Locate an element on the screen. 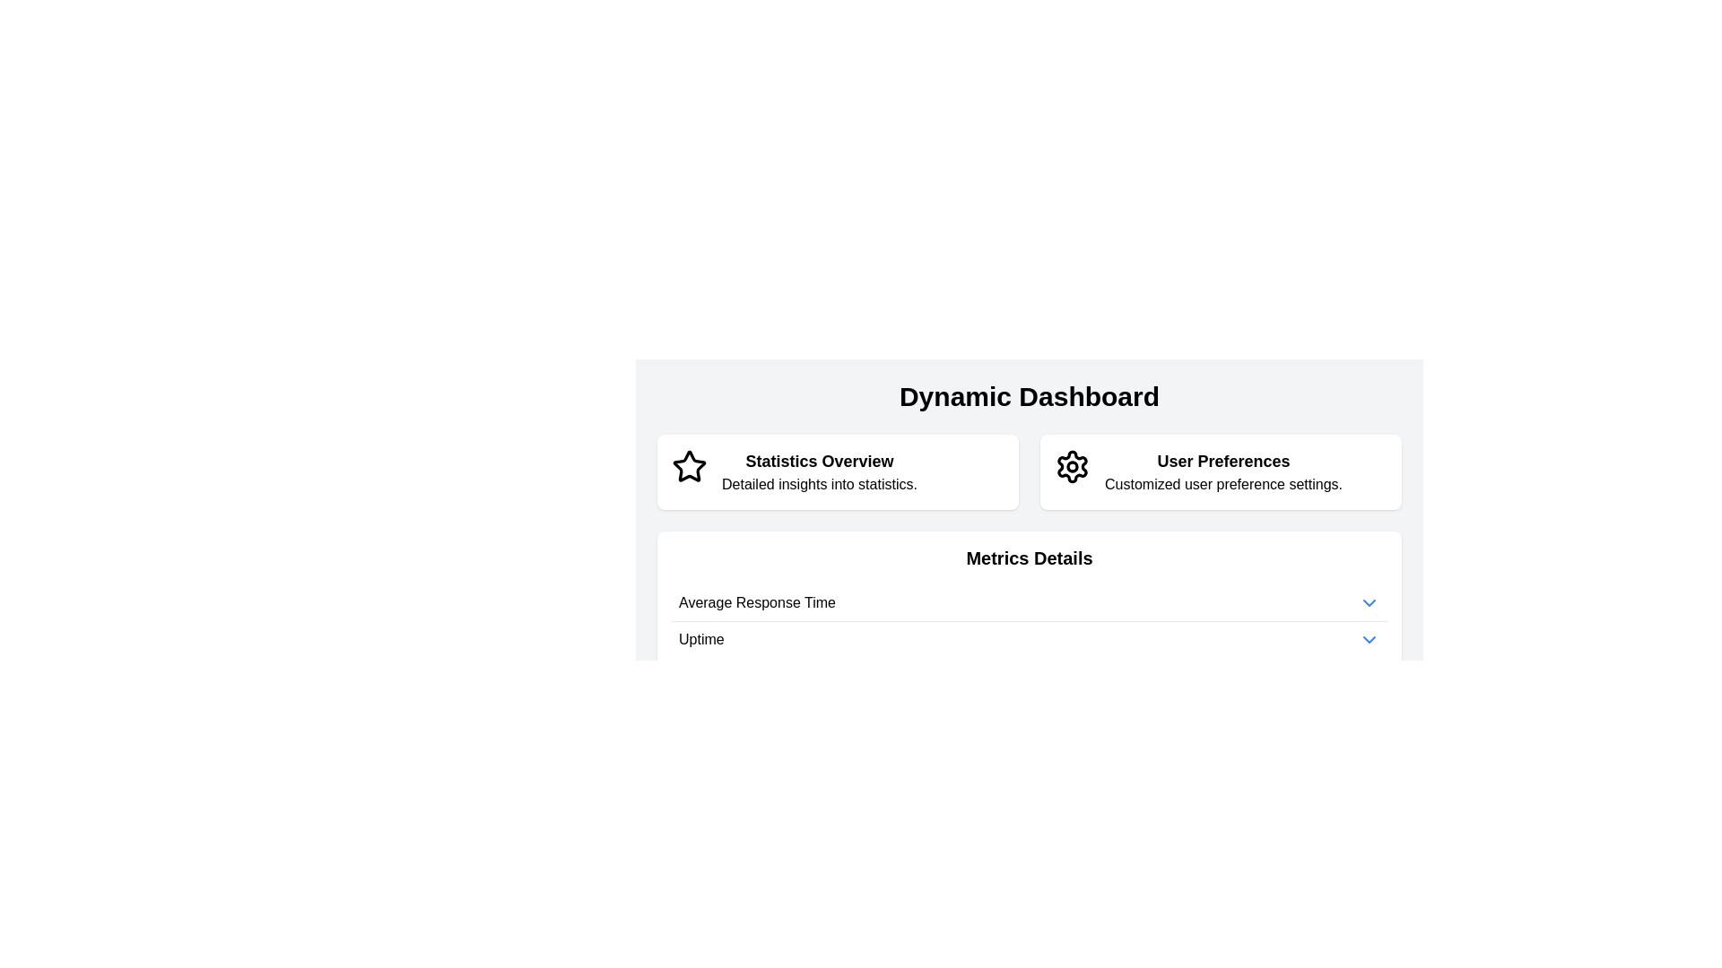 This screenshot has width=1722, height=968. the static text label that provides additional information about 'User Preferences', located below the 'User Preferences' title in the right section of the user interface panel under the 'Dynamic Dashboard' header is located at coordinates (1222, 484).